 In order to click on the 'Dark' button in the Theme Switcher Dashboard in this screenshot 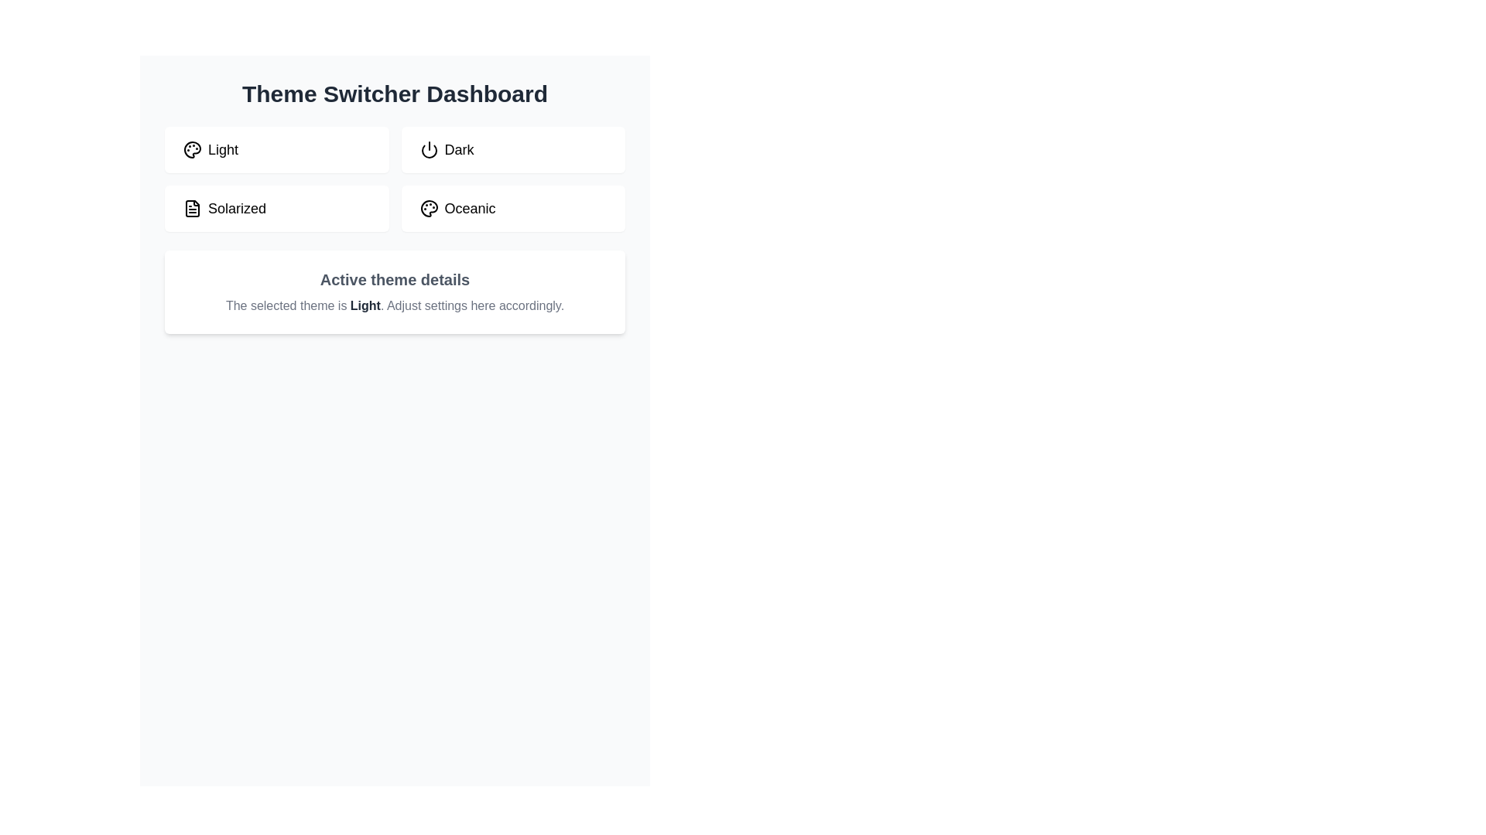, I will do `click(513, 149)`.